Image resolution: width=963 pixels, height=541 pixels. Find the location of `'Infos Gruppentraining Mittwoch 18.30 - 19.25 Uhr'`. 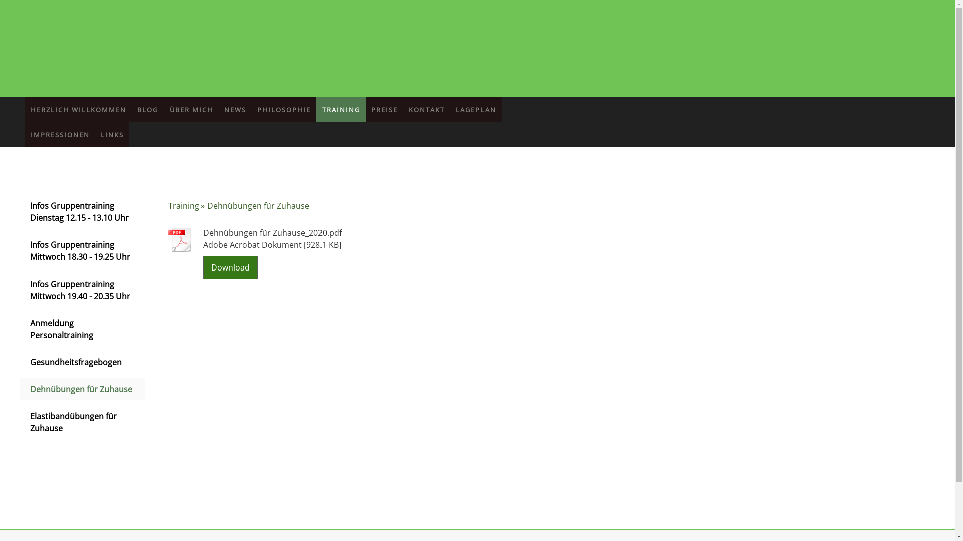

'Infos Gruppentraining Mittwoch 18.30 - 19.25 Uhr' is located at coordinates (82, 250).